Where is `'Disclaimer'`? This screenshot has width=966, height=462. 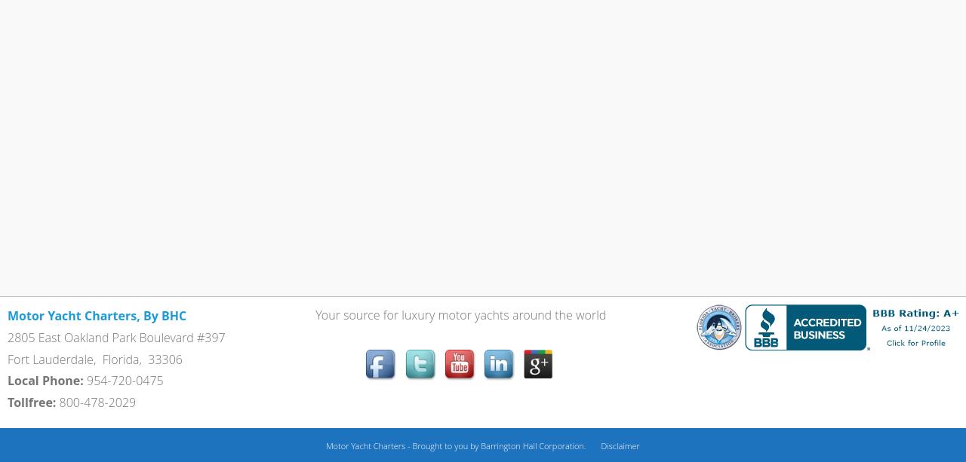 'Disclaimer' is located at coordinates (620, 444).